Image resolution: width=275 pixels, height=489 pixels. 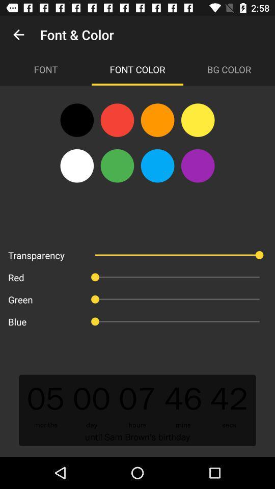 I want to click on the avatar icon, so click(x=198, y=166).